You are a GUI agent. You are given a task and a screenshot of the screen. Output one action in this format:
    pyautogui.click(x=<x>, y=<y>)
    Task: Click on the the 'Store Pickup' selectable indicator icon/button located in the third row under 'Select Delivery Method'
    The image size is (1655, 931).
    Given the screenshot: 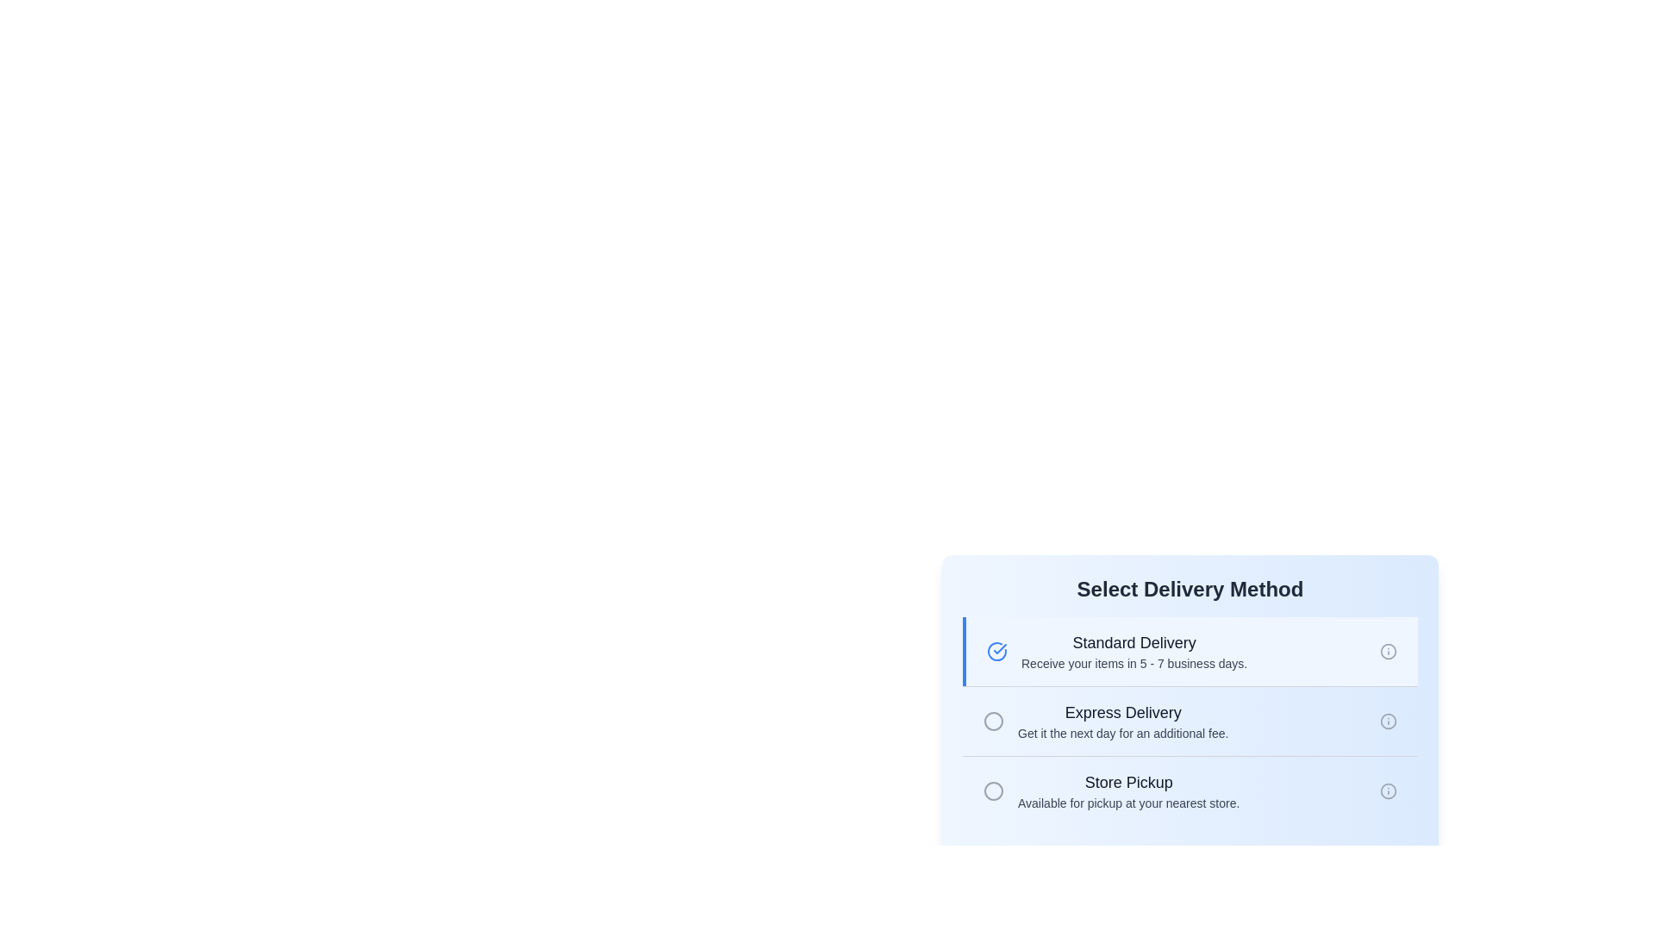 What is the action you would take?
    pyautogui.click(x=993, y=791)
    